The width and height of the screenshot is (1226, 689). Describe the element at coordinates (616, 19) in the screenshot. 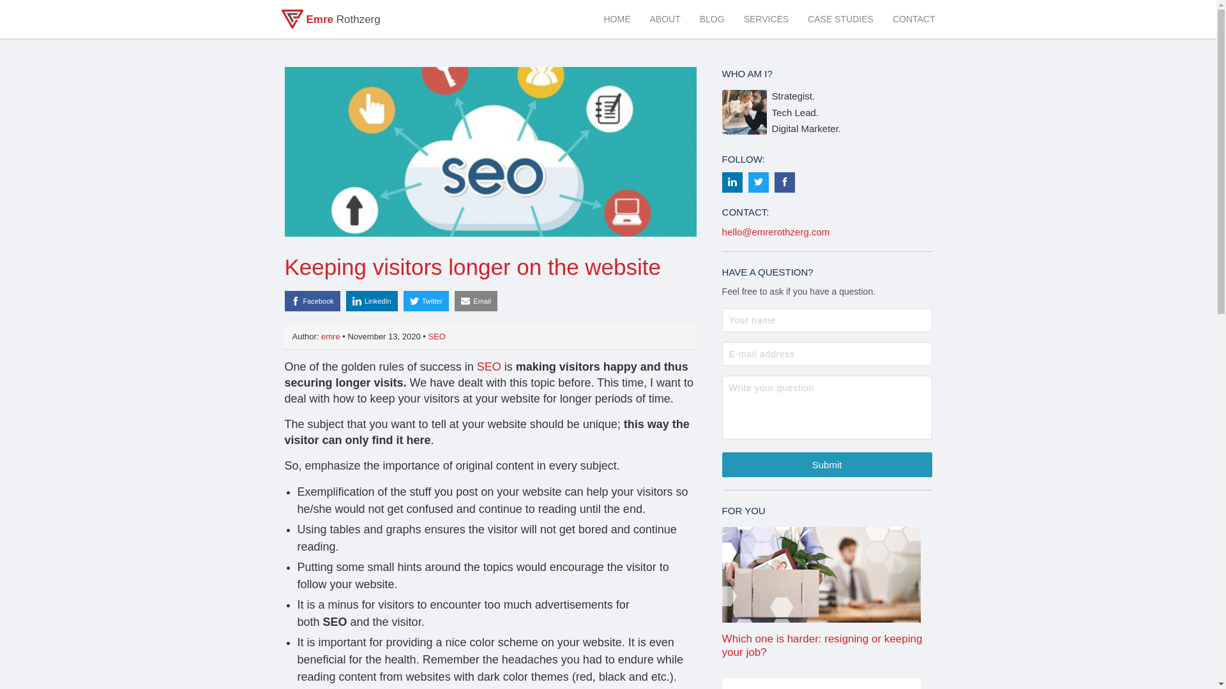

I see `'HOME'` at that location.